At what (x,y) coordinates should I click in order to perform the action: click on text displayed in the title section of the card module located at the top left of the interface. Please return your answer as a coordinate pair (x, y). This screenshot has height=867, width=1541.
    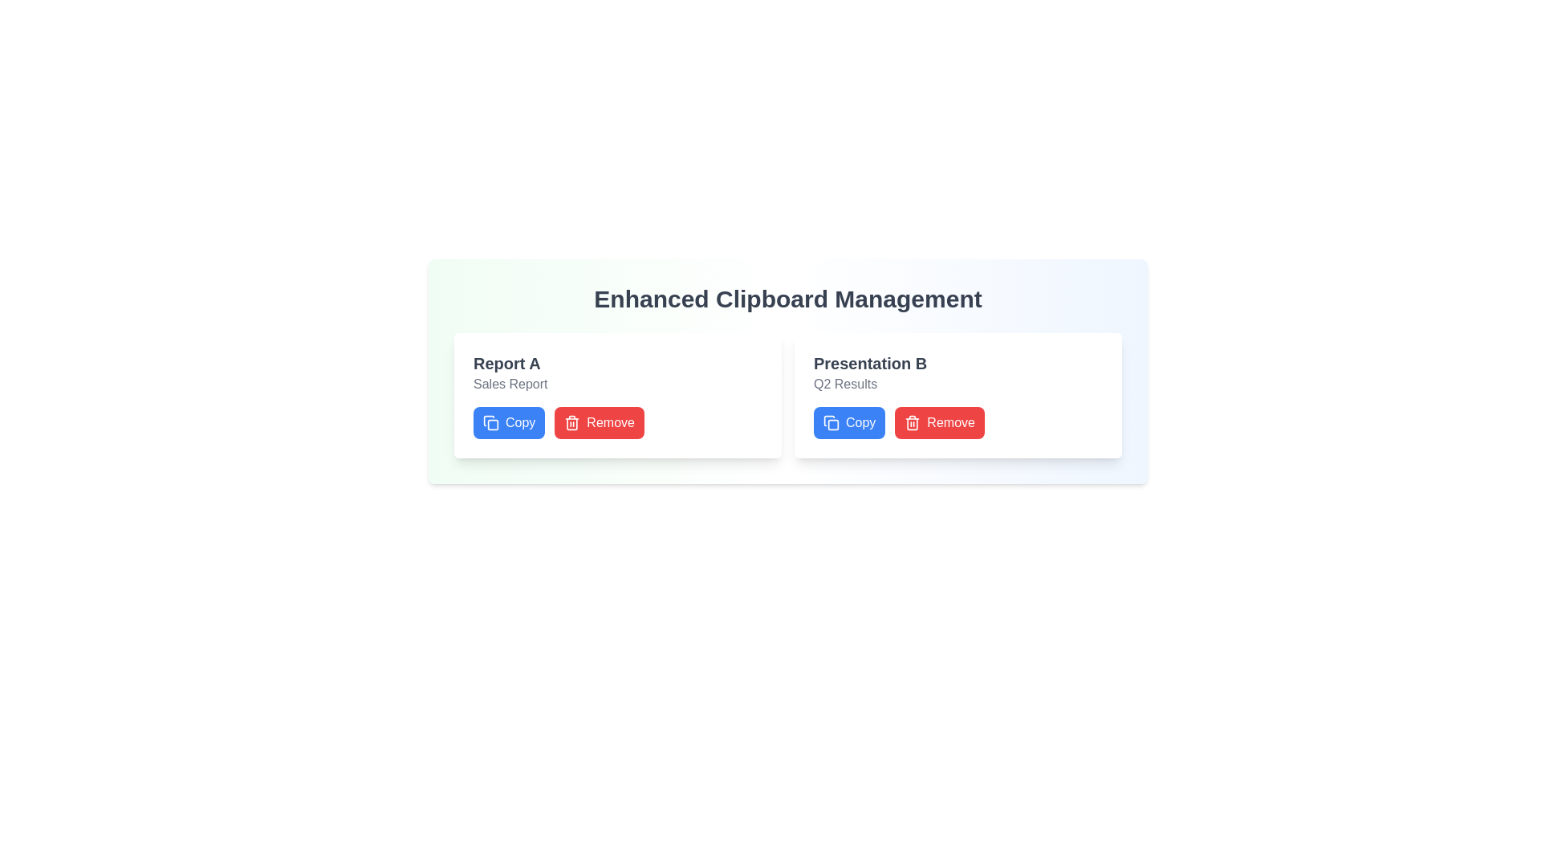
    Looking at the image, I should click on (506, 363).